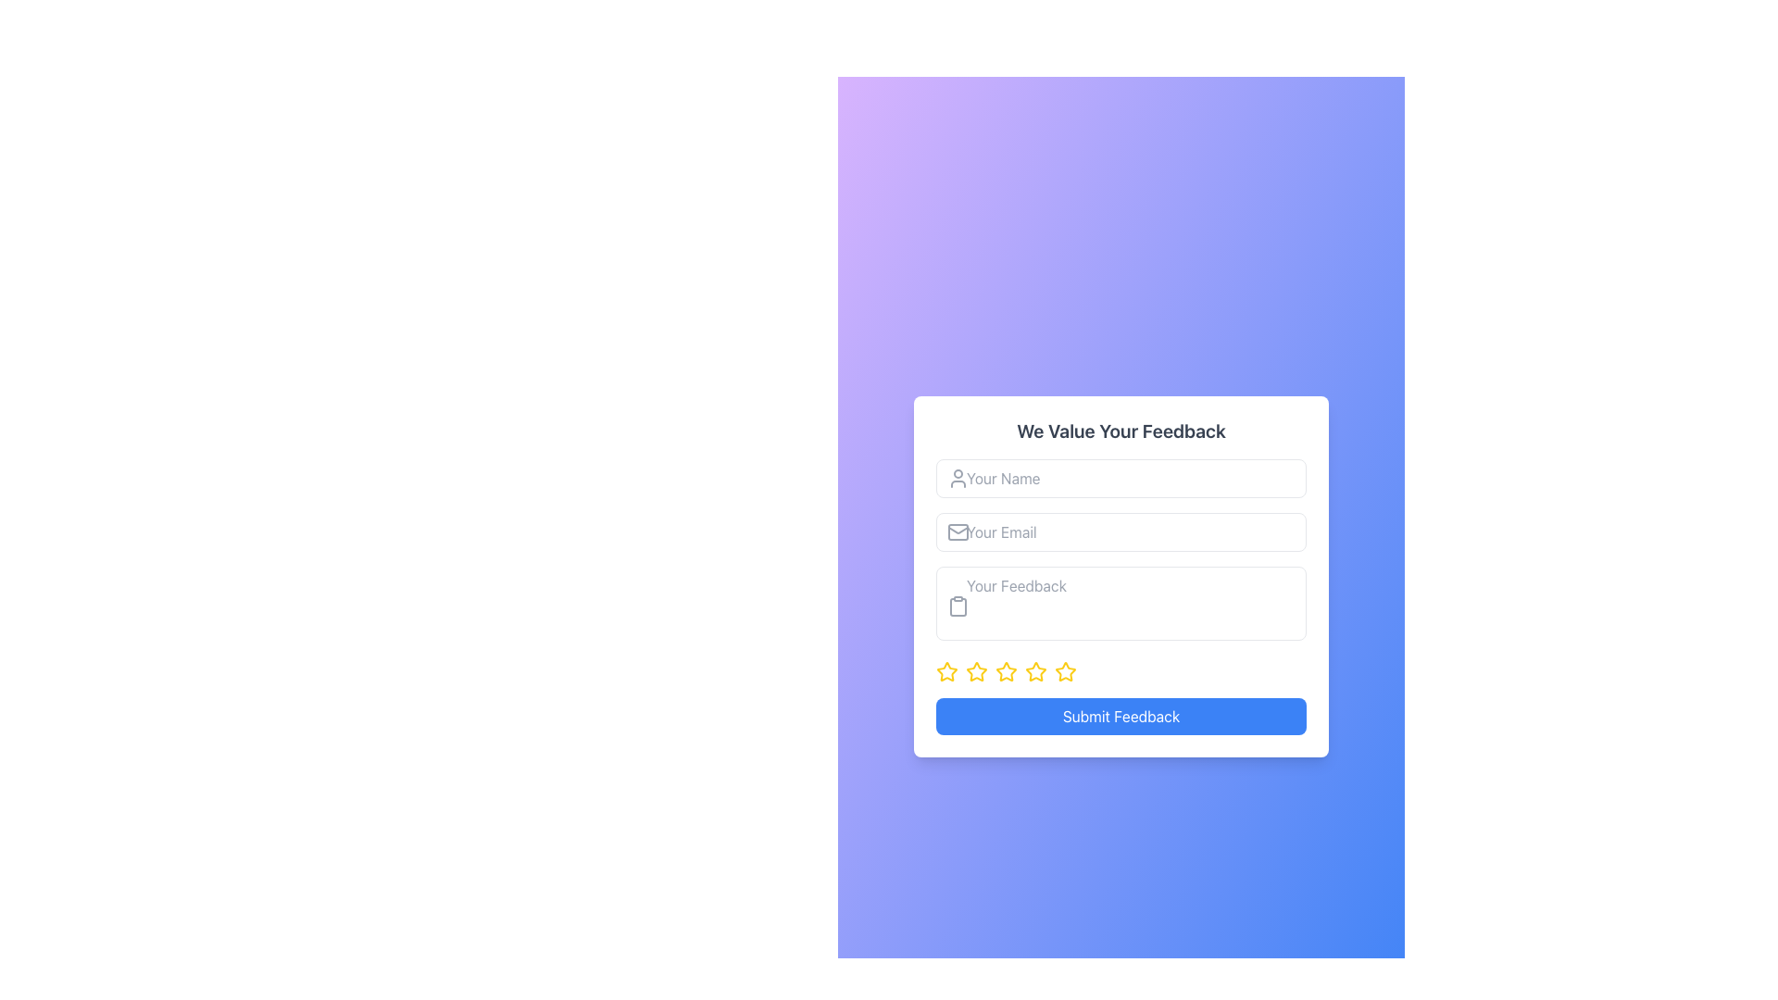 The image size is (1778, 1000). I want to click on across the stars in the Rating Selector, so click(1120, 671).